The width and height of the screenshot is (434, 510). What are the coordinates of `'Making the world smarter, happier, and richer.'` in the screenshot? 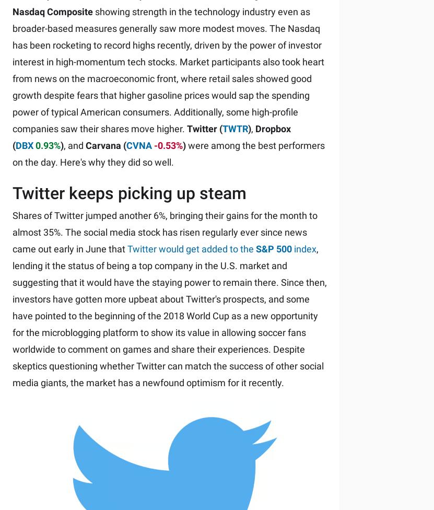 It's located at (11, 95).